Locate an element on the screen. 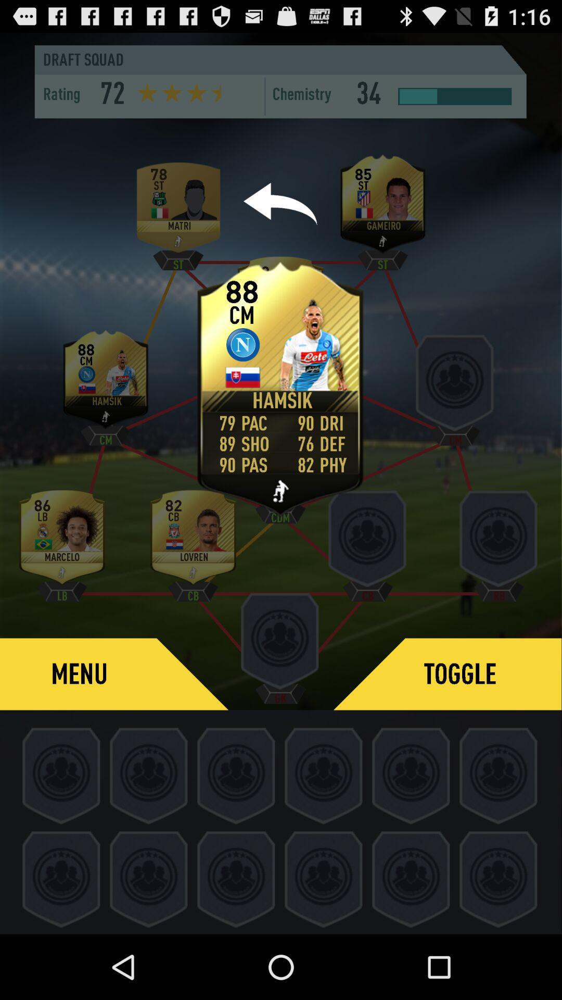 The image size is (562, 1000). the last level above the toggle is located at coordinates (499, 541).